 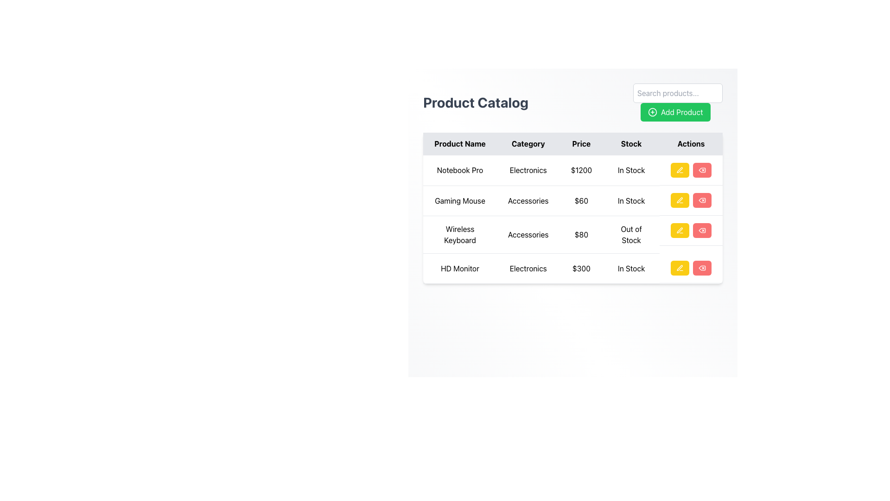 I want to click on the edit icon located in the yellow button in the 'Actions' column of the table for the 'Wireless Keyboard' product, so click(x=679, y=230).